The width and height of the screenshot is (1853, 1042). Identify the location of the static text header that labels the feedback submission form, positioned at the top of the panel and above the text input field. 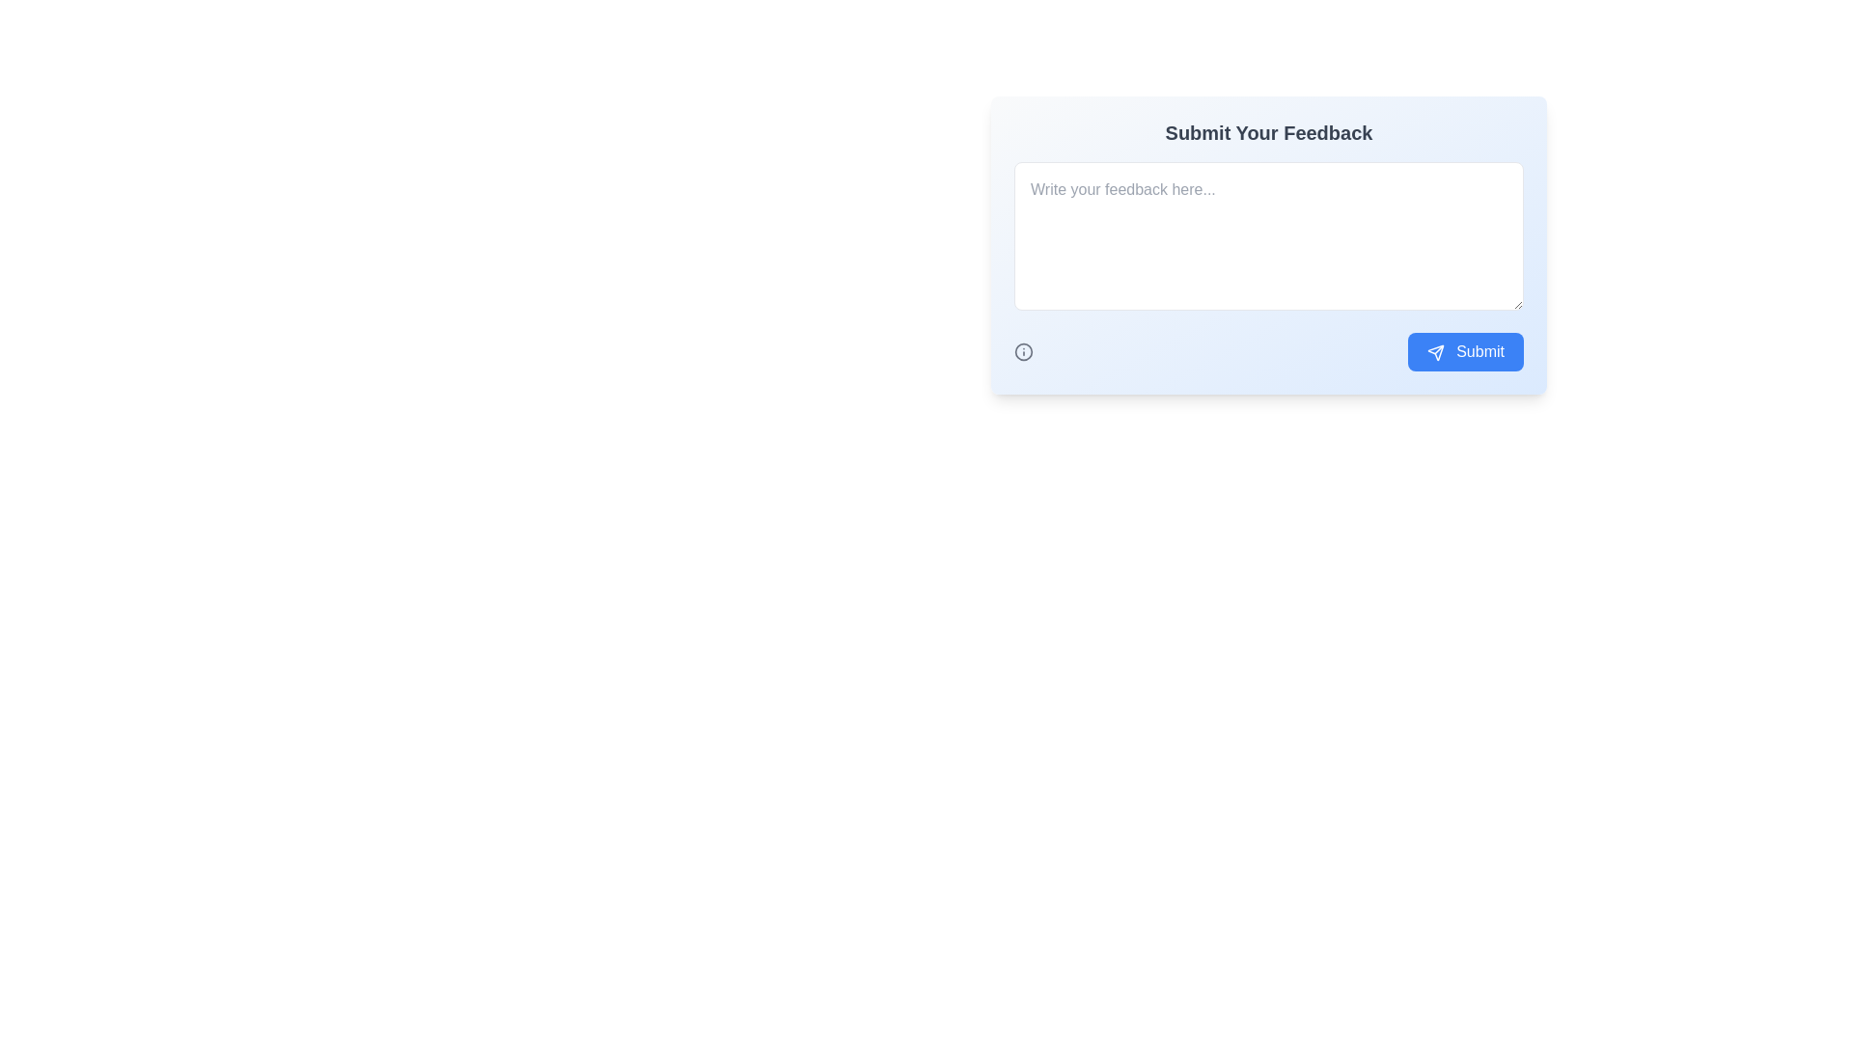
(1269, 132).